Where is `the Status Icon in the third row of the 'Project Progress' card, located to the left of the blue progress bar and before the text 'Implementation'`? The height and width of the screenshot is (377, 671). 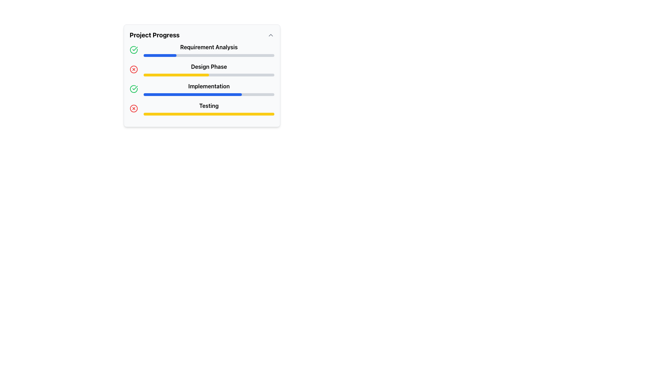
the Status Icon in the third row of the 'Project Progress' card, located to the left of the blue progress bar and before the text 'Implementation' is located at coordinates (134, 88).